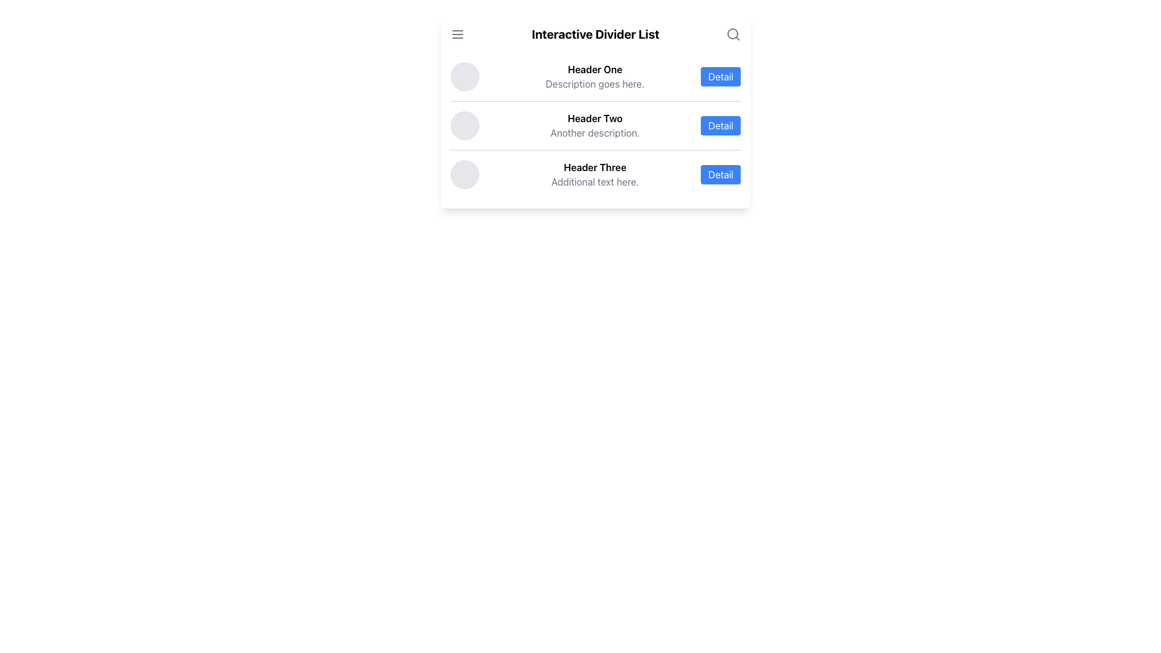 The image size is (1161, 653). What do you see at coordinates (595, 181) in the screenshot?
I see `the text label that reads 'Additional text here.' positioned below the bold header 'Header Three' within a list item` at bounding box center [595, 181].